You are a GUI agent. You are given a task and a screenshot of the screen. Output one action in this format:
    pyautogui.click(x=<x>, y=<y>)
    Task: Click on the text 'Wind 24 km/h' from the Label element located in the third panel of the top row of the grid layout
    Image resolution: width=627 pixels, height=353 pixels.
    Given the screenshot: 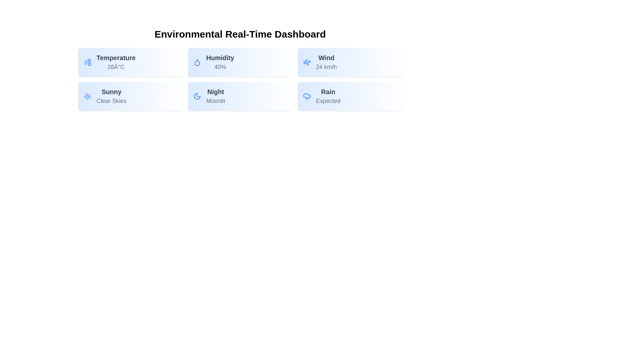 What is the action you would take?
    pyautogui.click(x=326, y=62)
    